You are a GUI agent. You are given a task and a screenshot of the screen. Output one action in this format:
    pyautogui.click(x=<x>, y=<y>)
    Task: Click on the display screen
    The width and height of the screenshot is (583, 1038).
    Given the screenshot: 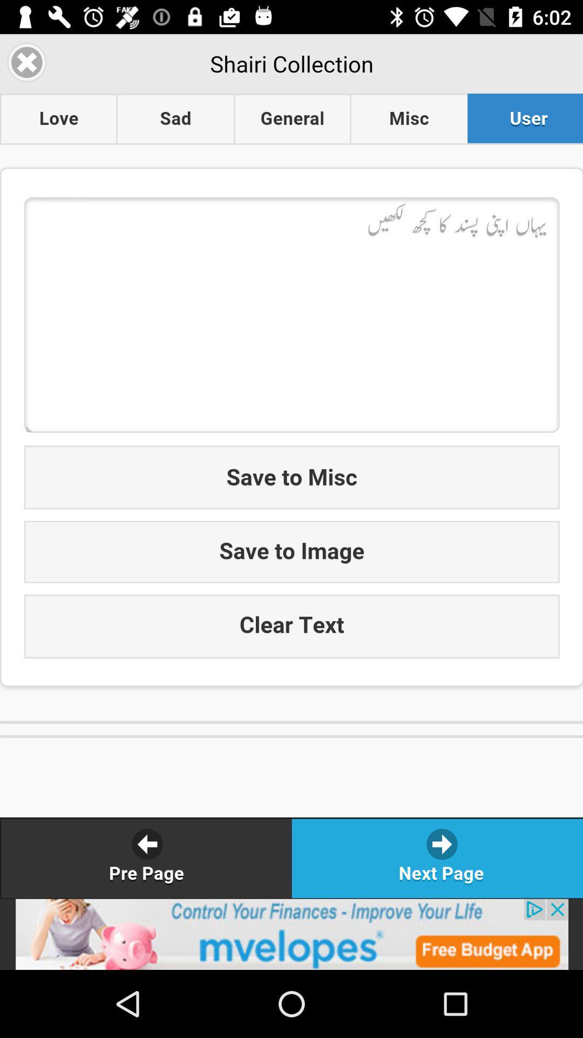 What is the action you would take?
    pyautogui.click(x=291, y=466)
    